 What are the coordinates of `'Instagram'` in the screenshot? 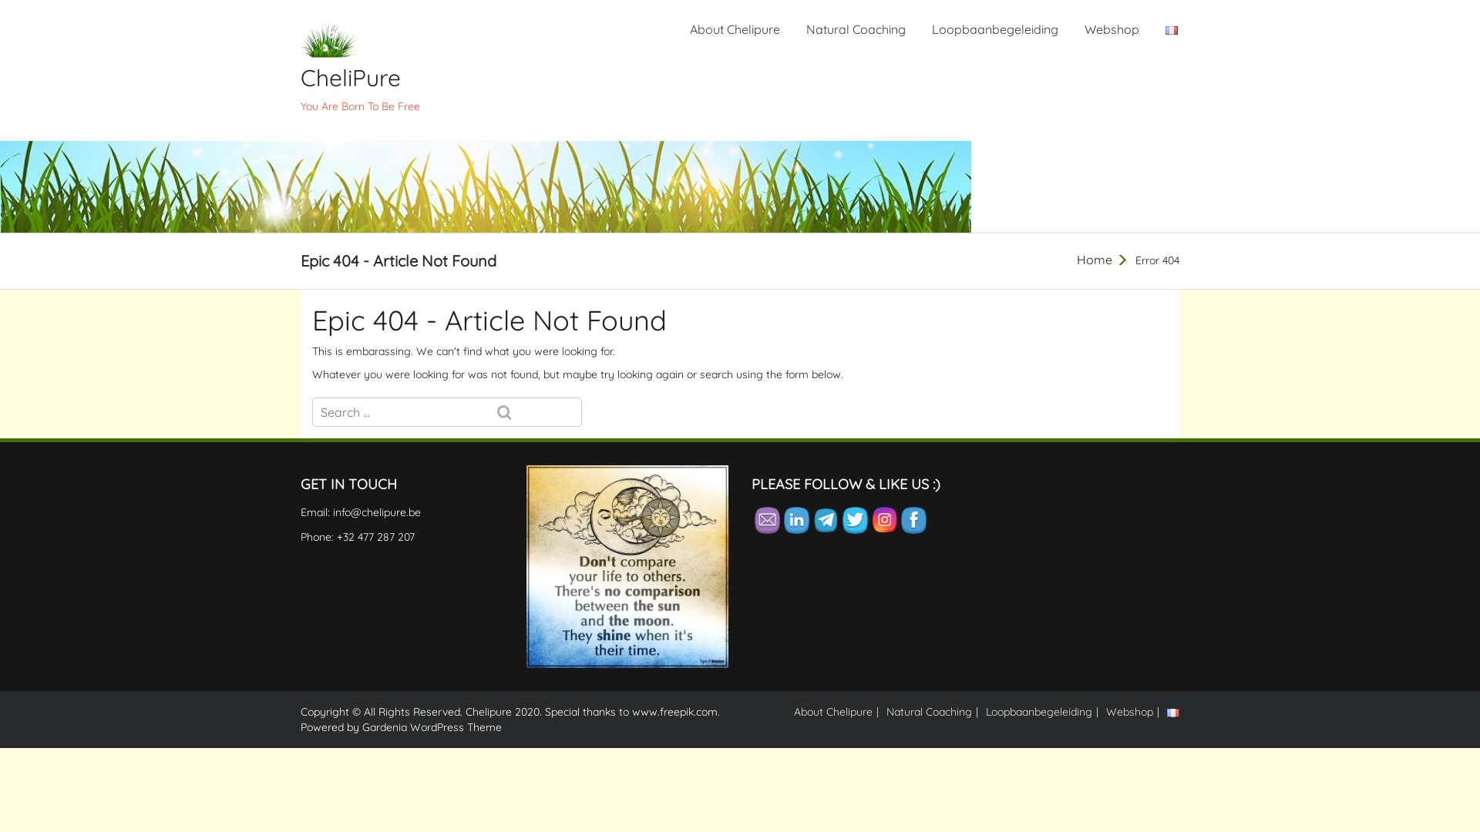 It's located at (872, 519).